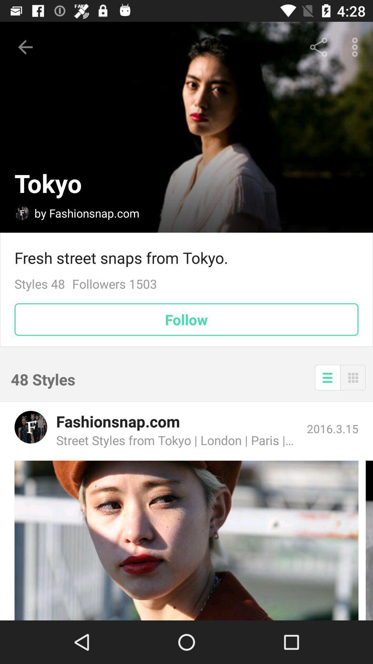  Describe the element at coordinates (353, 377) in the screenshot. I see `the icon below follow` at that location.